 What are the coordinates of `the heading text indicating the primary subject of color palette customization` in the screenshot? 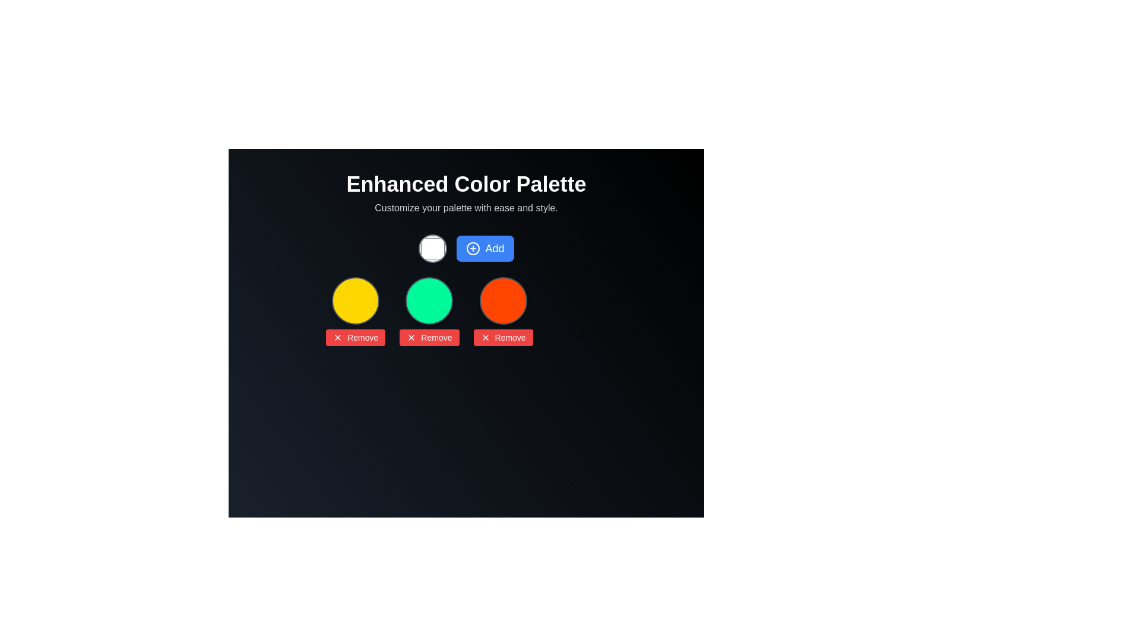 It's located at (465, 185).